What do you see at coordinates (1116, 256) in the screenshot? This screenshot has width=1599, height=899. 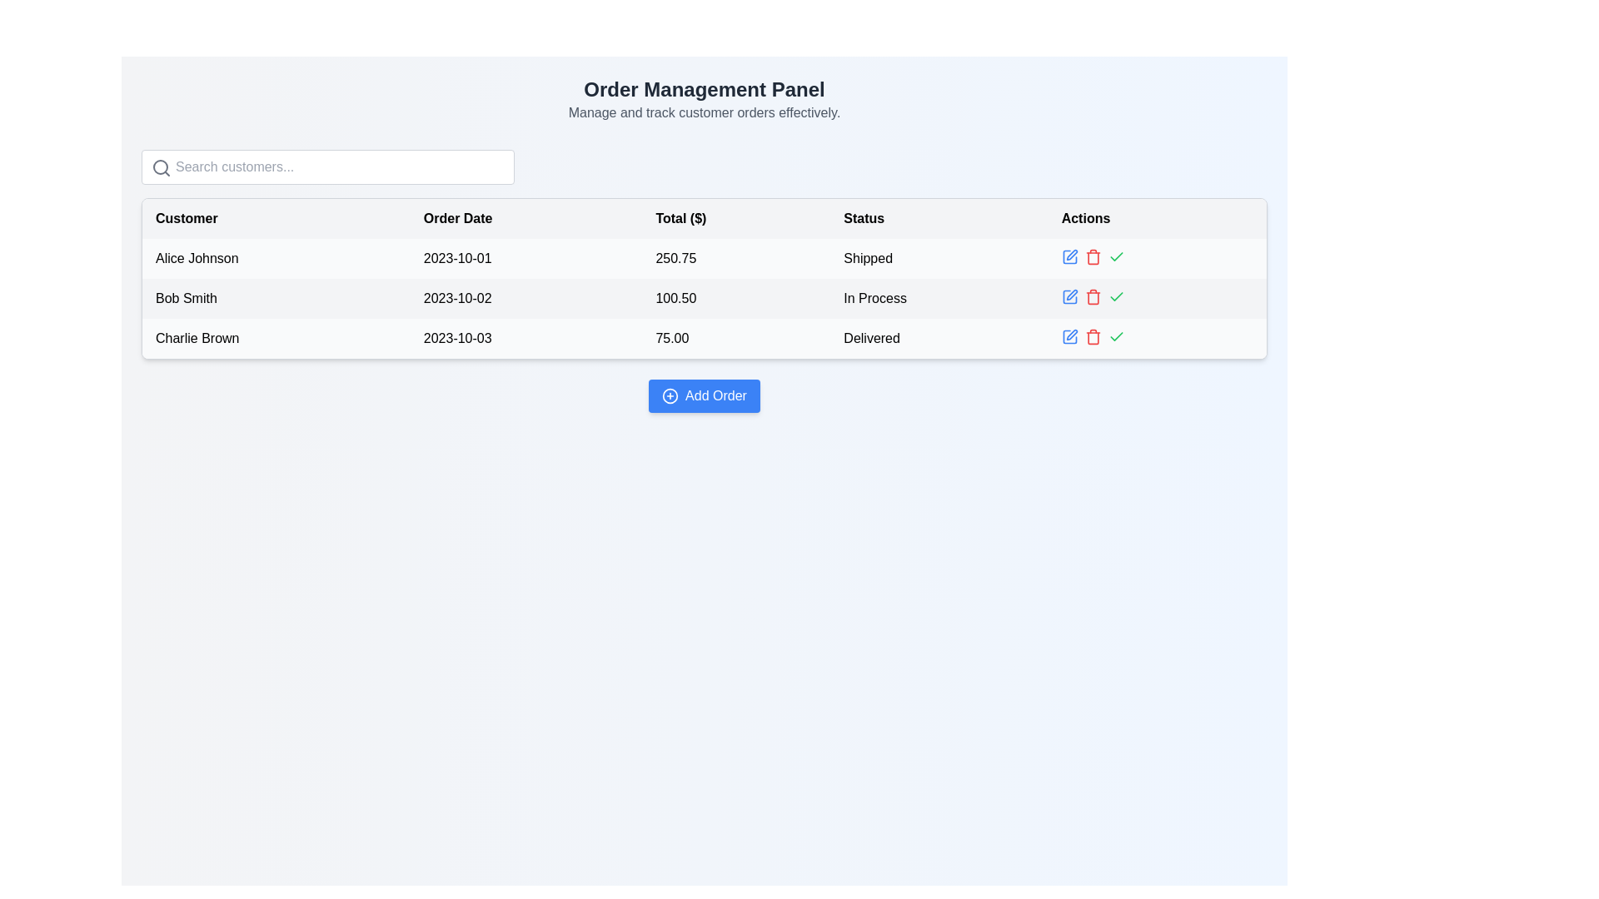 I see `the confirmation icon in the 'Actions' column of the right-most table row for the order made by 'Charlie Brown'` at bounding box center [1116, 256].